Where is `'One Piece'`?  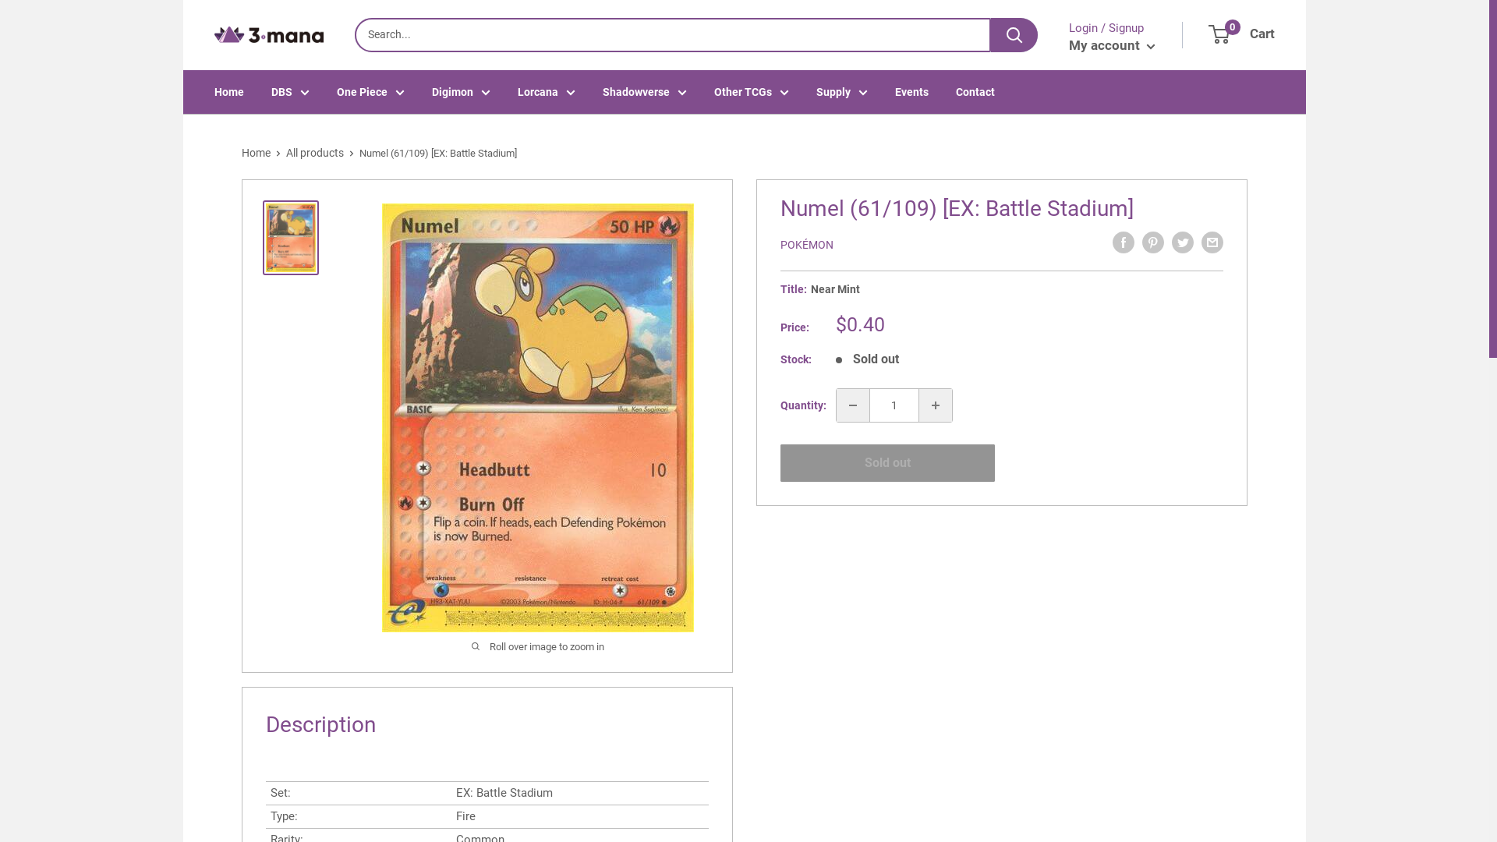 'One Piece' is located at coordinates (336, 92).